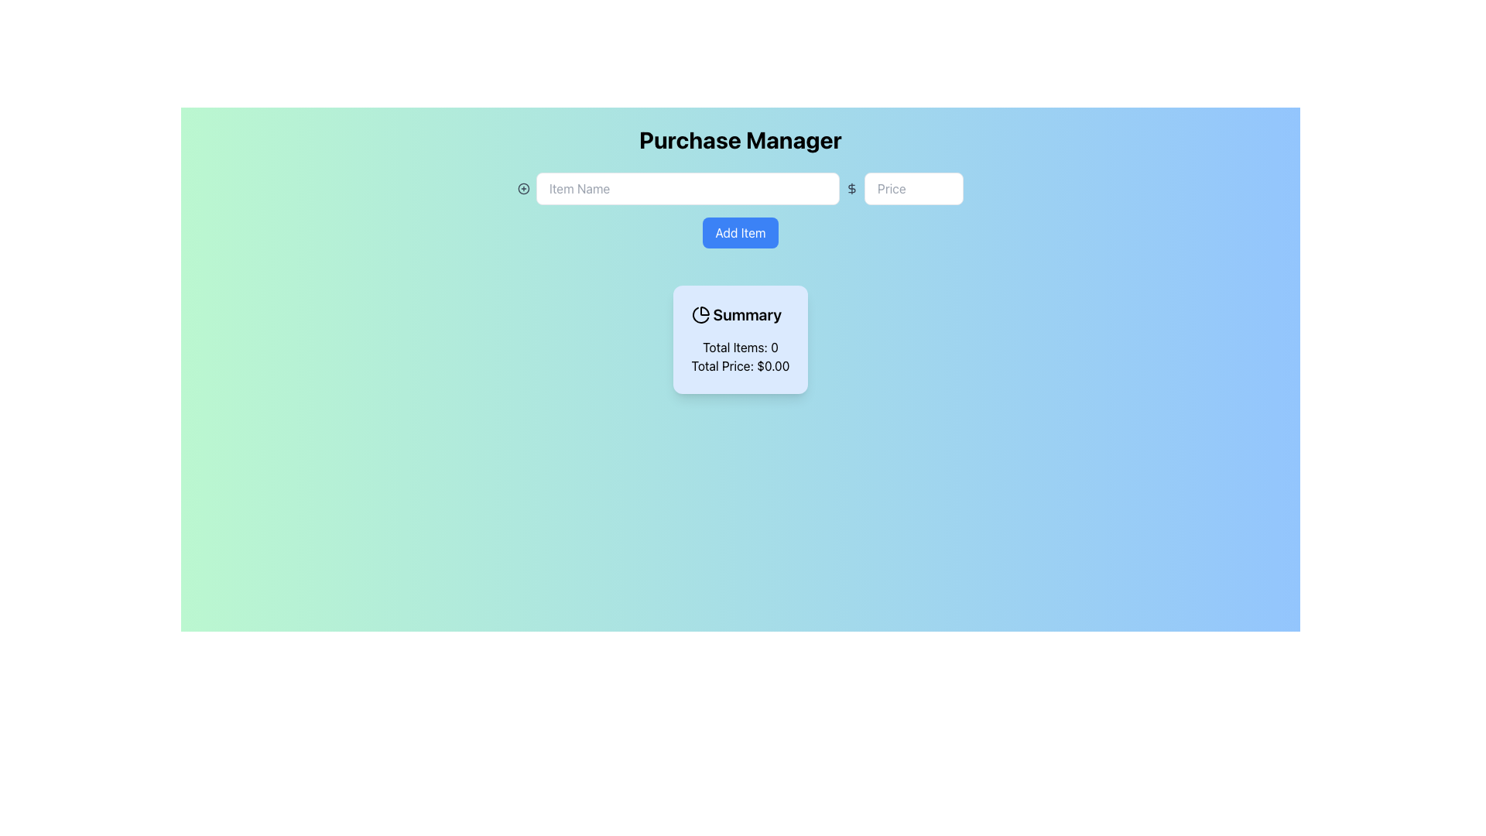 This screenshot has height=836, width=1486. I want to click on the 'Purchase Manager' text, which is styled in a large, bold font and is located at the top center of the interface, above the 'Add Item' form, so click(739, 140).